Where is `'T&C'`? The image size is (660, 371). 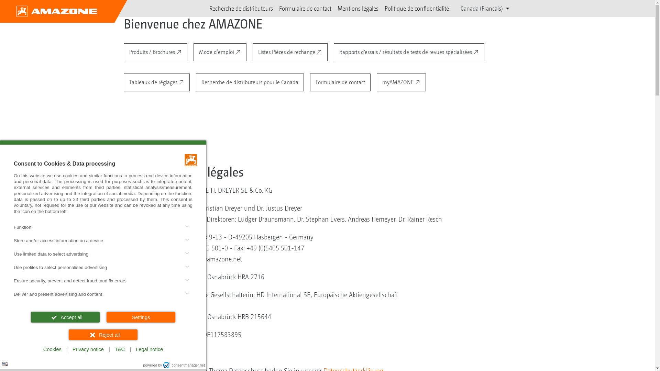
'T&C' is located at coordinates (120, 349).